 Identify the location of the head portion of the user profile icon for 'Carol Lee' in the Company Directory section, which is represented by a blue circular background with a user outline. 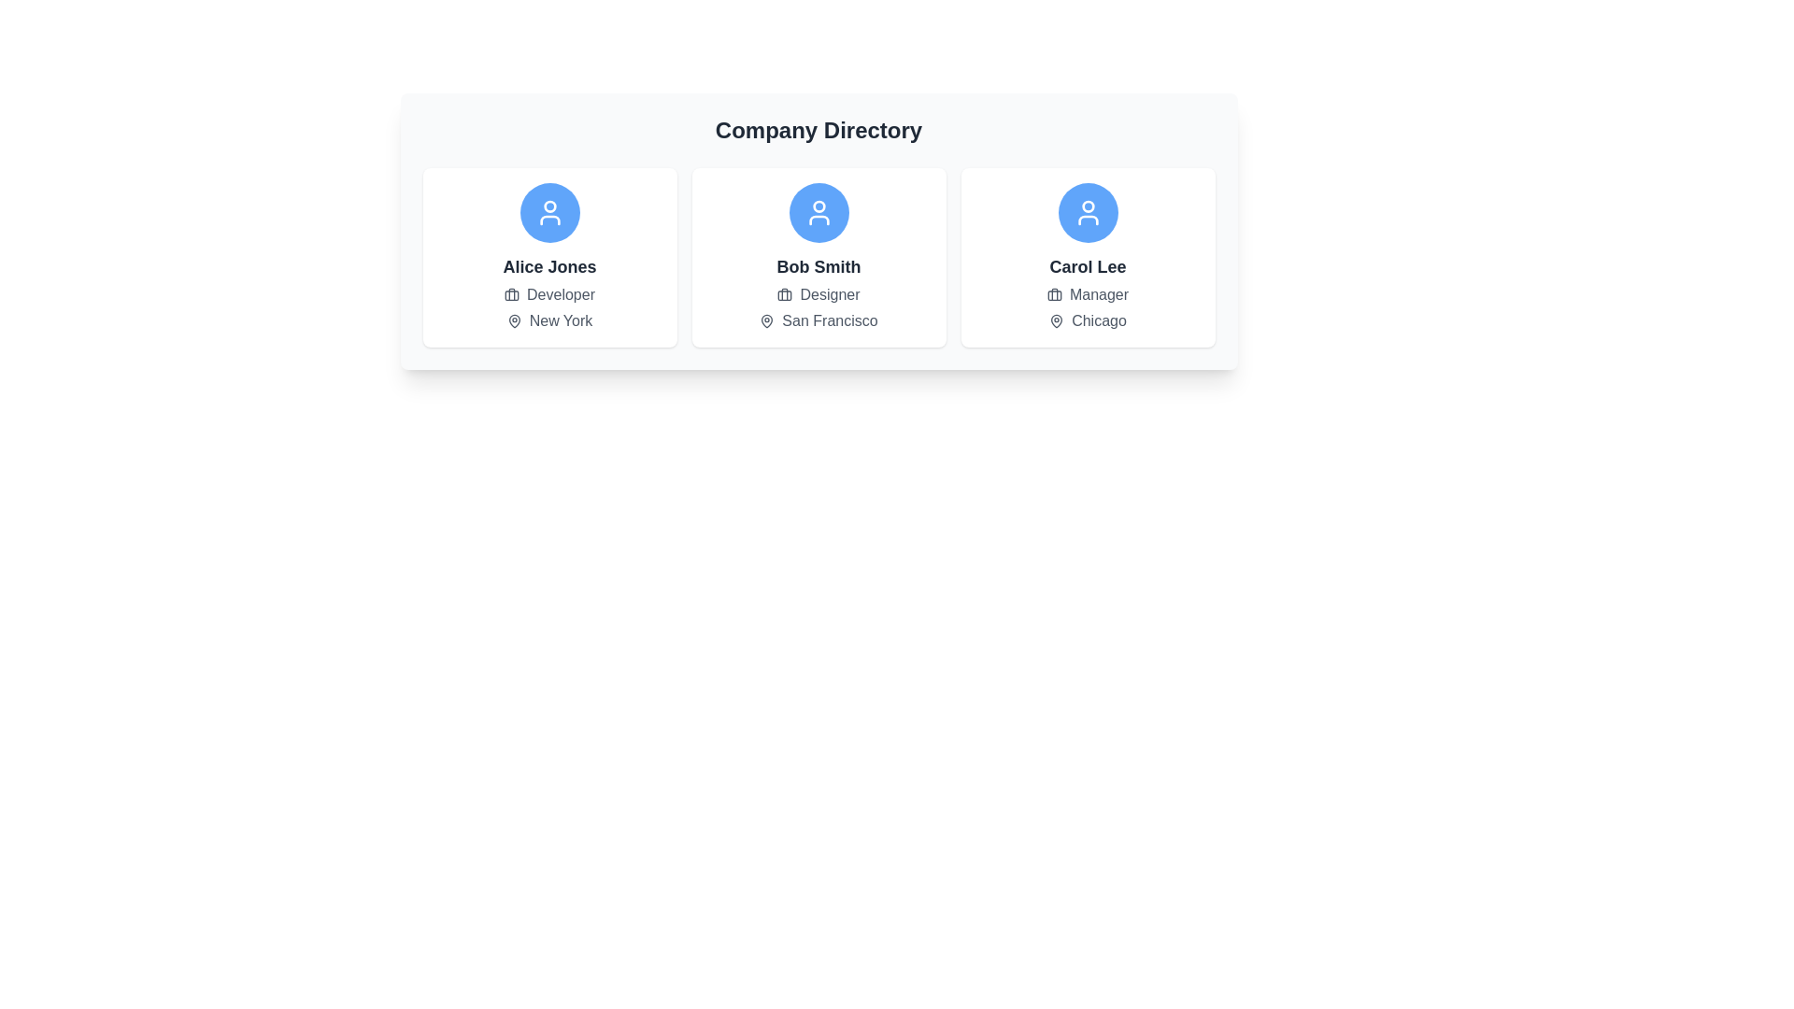
(1088, 206).